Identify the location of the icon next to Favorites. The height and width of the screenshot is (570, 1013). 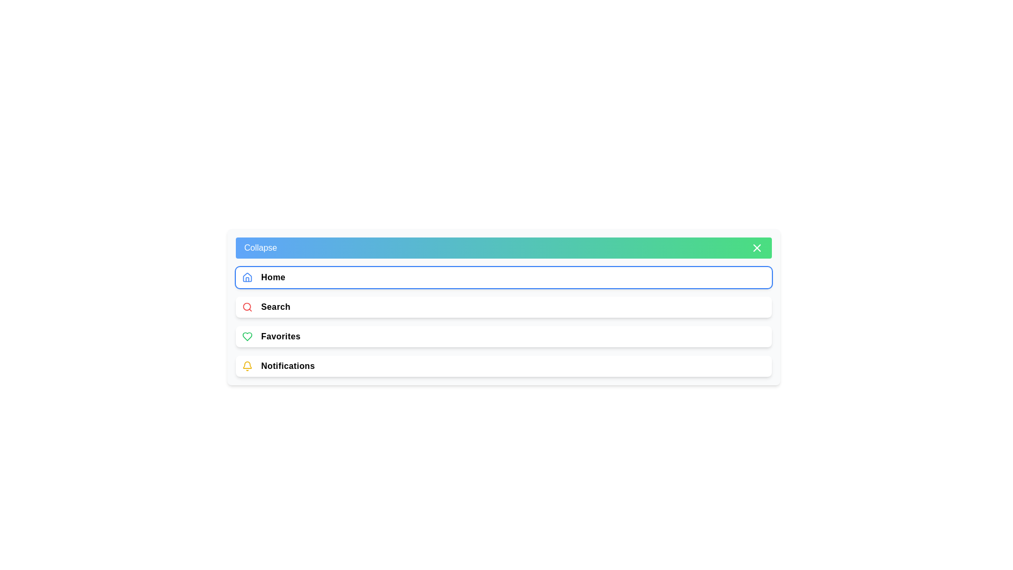
(247, 336).